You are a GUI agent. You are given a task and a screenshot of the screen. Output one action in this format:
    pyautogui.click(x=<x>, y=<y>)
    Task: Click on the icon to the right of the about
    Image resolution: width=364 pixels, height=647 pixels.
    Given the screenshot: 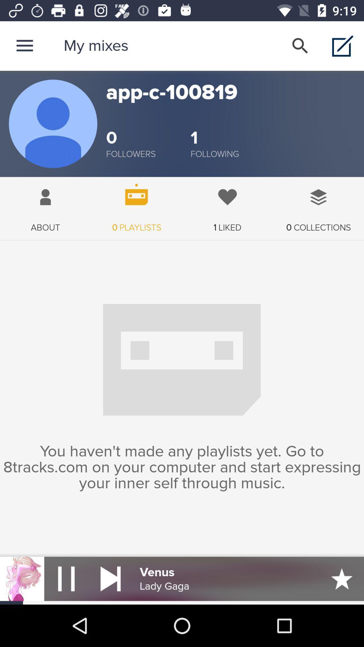 What is the action you would take?
    pyautogui.click(x=136, y=205)
    